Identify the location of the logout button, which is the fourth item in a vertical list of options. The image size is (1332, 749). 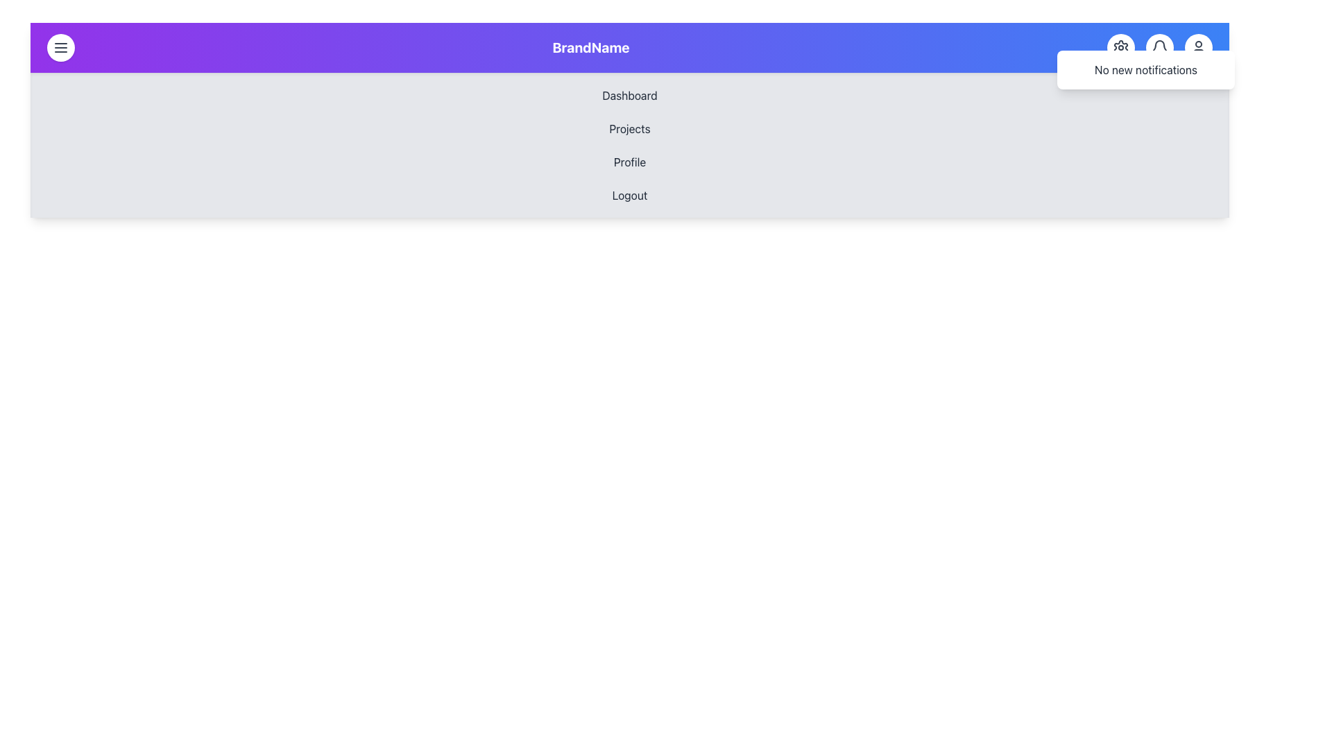
(629, 195).